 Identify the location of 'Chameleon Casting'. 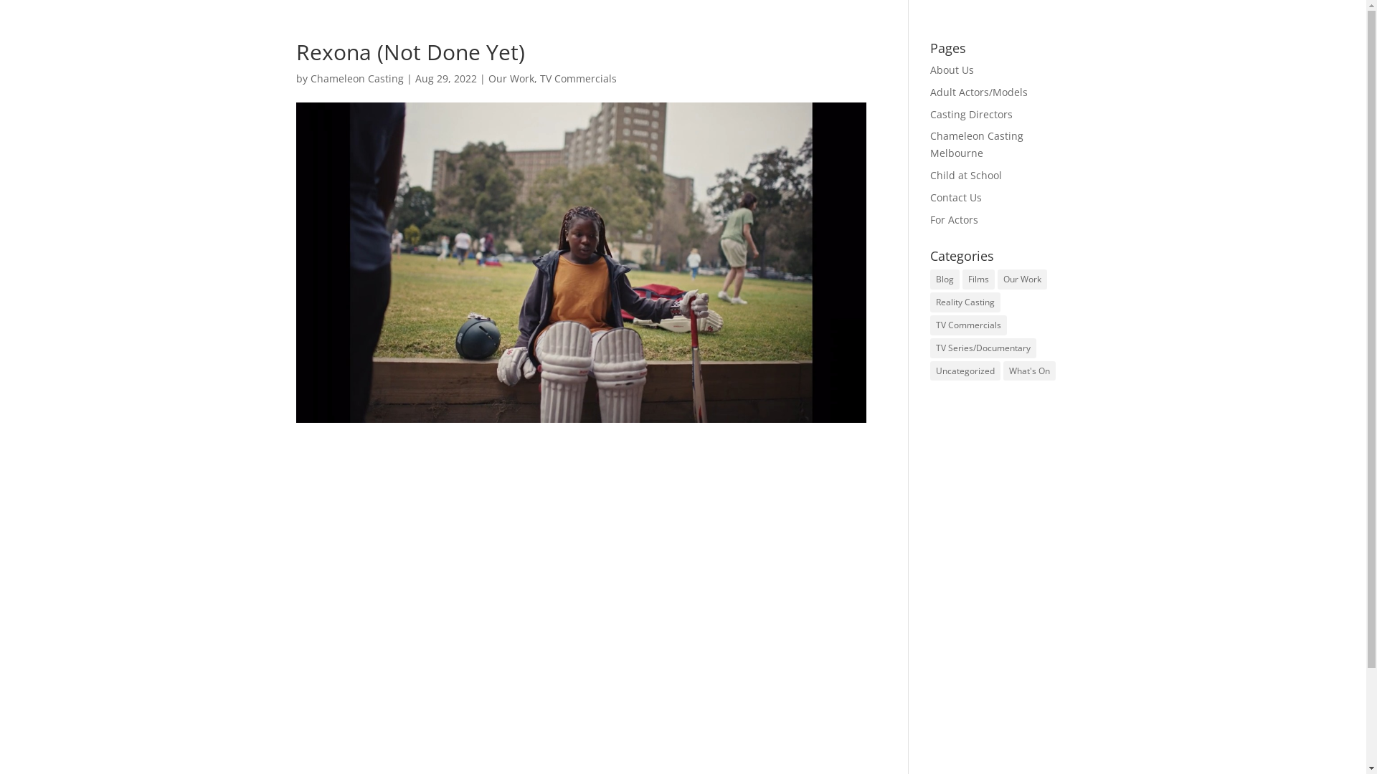
(356, 78).